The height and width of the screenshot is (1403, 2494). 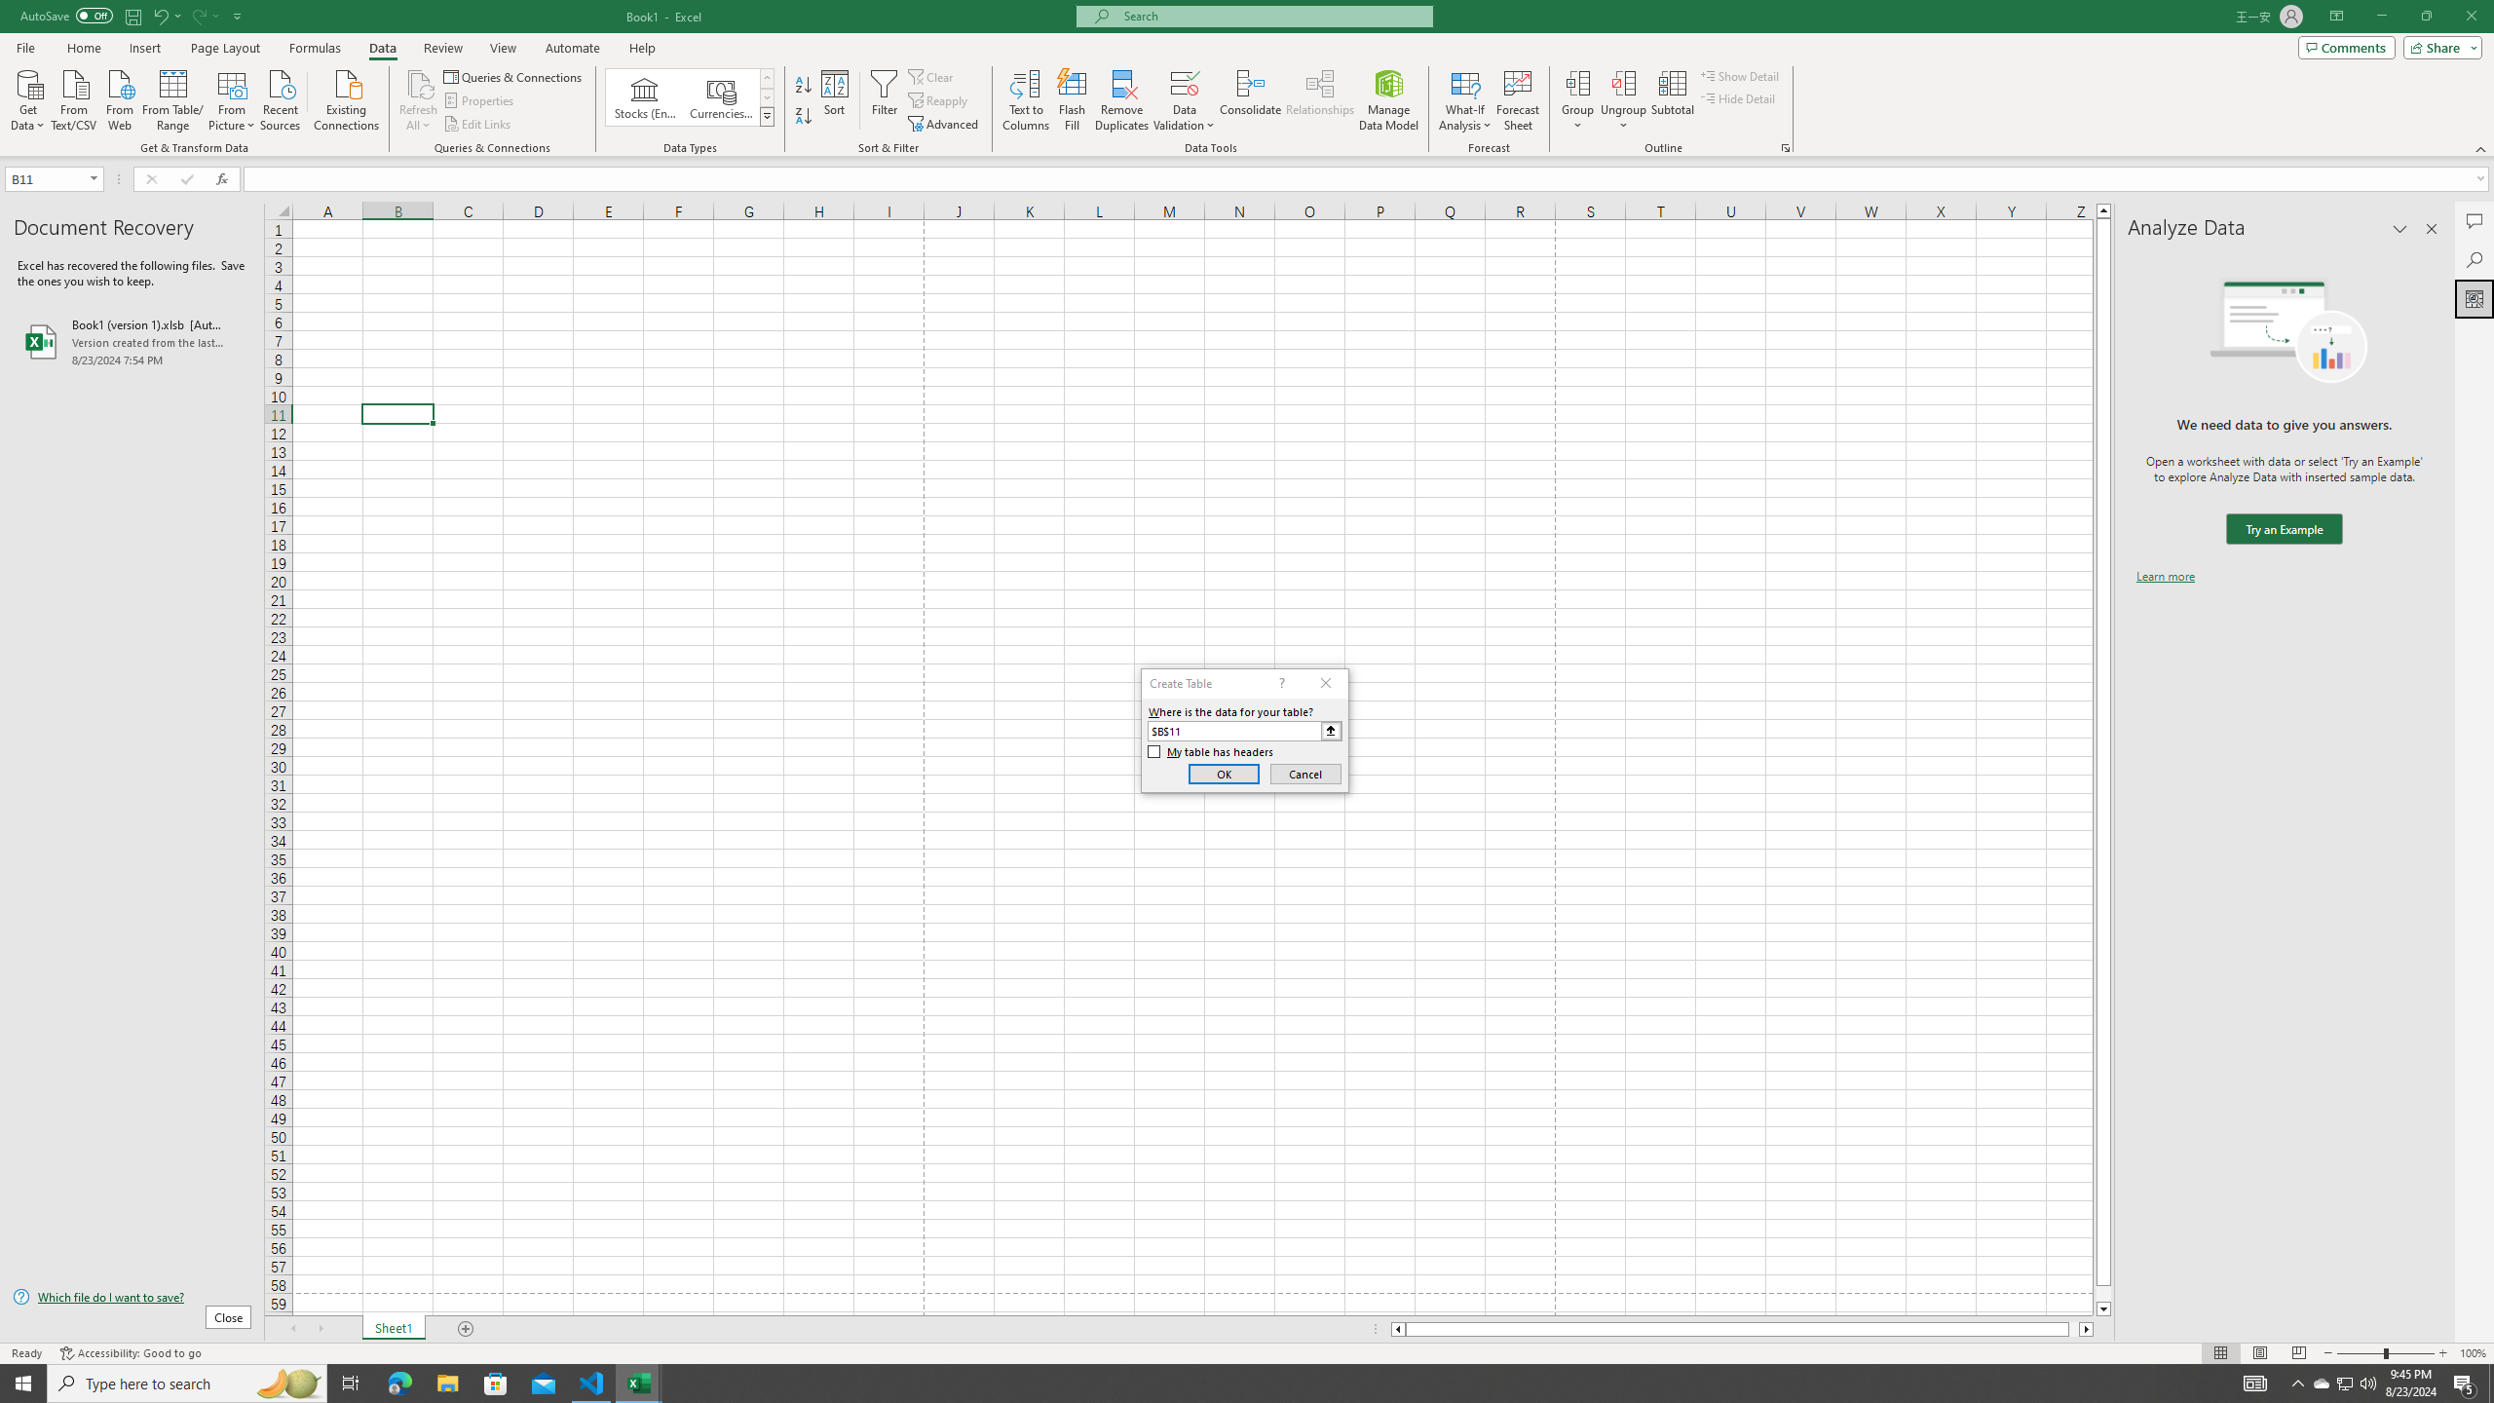 What do you see at coordinates (1623, 82) in the screenshot?
I see `'Ungroup...'` at bounding box center [1623, 82].